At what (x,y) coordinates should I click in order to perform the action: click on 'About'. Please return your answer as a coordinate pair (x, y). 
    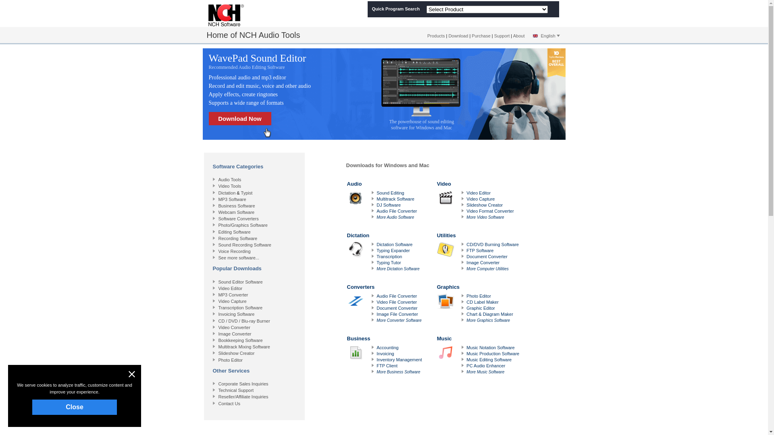
    Looking at the image, I should click on (519, 35).